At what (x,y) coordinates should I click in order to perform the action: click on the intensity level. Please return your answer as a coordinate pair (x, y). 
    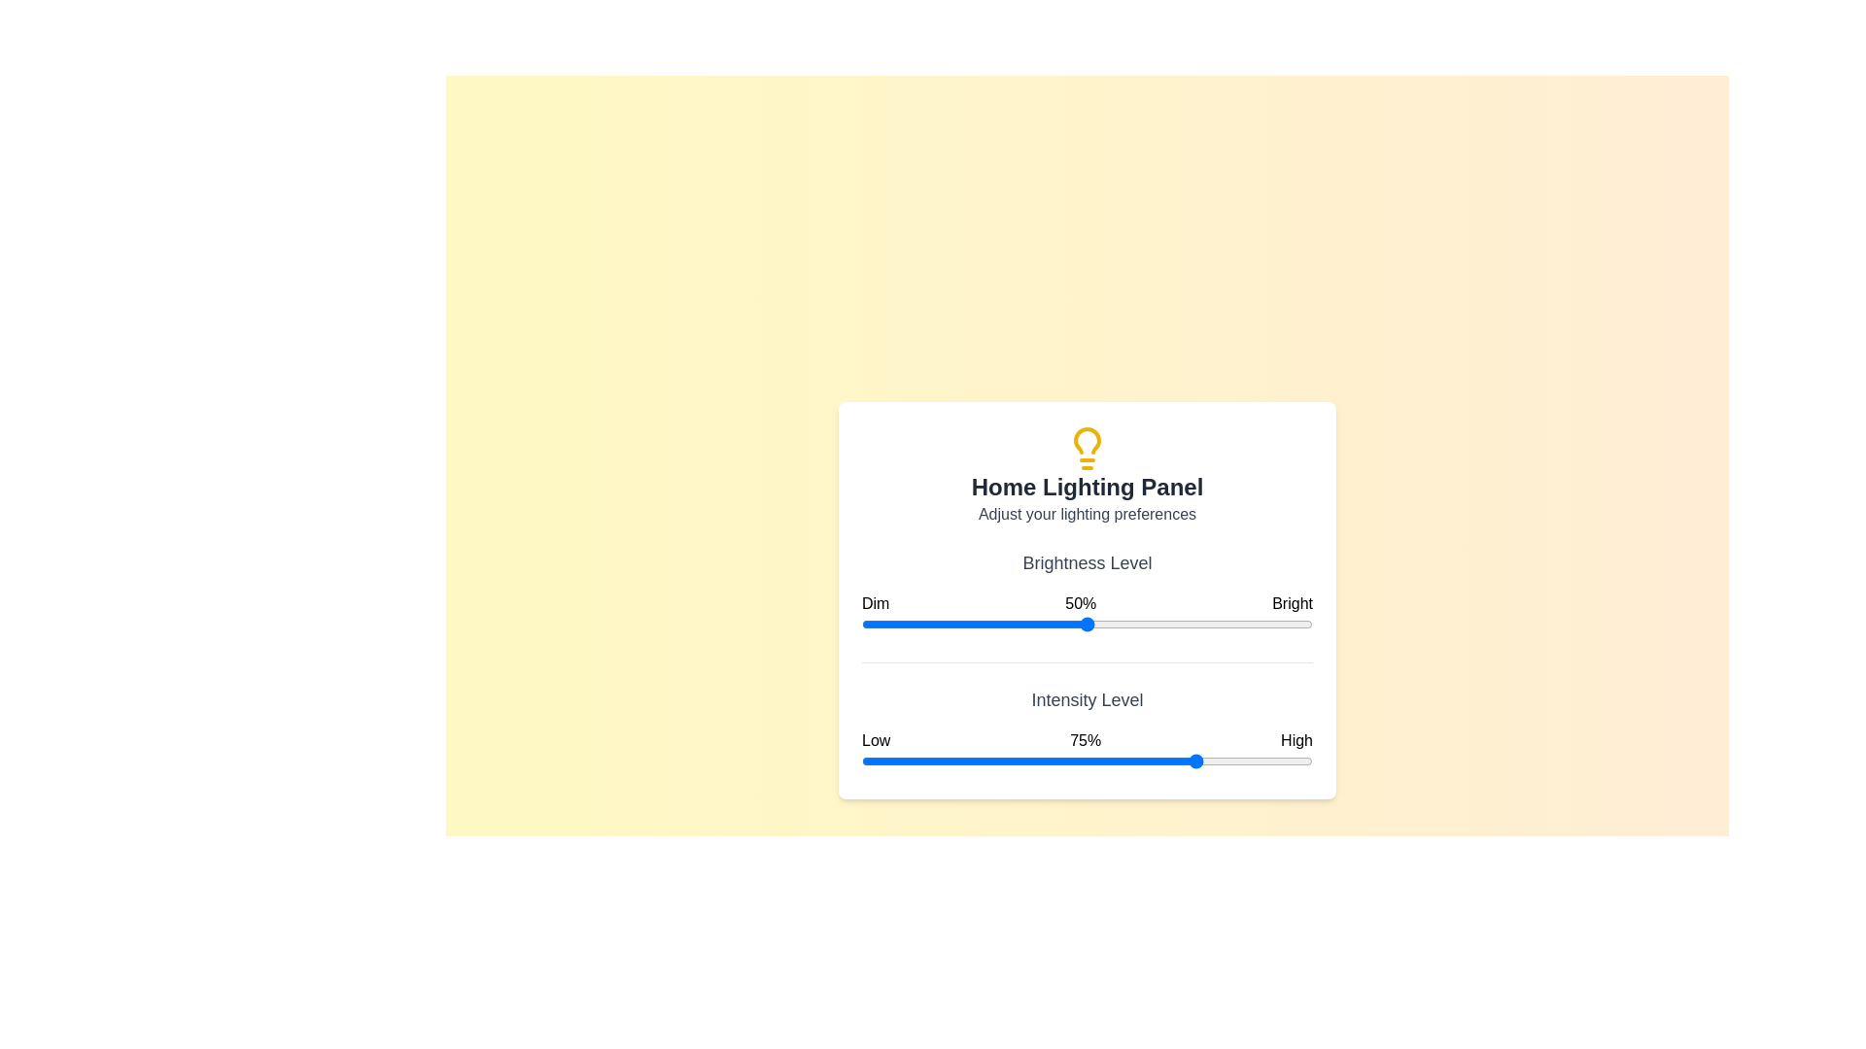
    Looking at the image, I should click on (1167, 760).